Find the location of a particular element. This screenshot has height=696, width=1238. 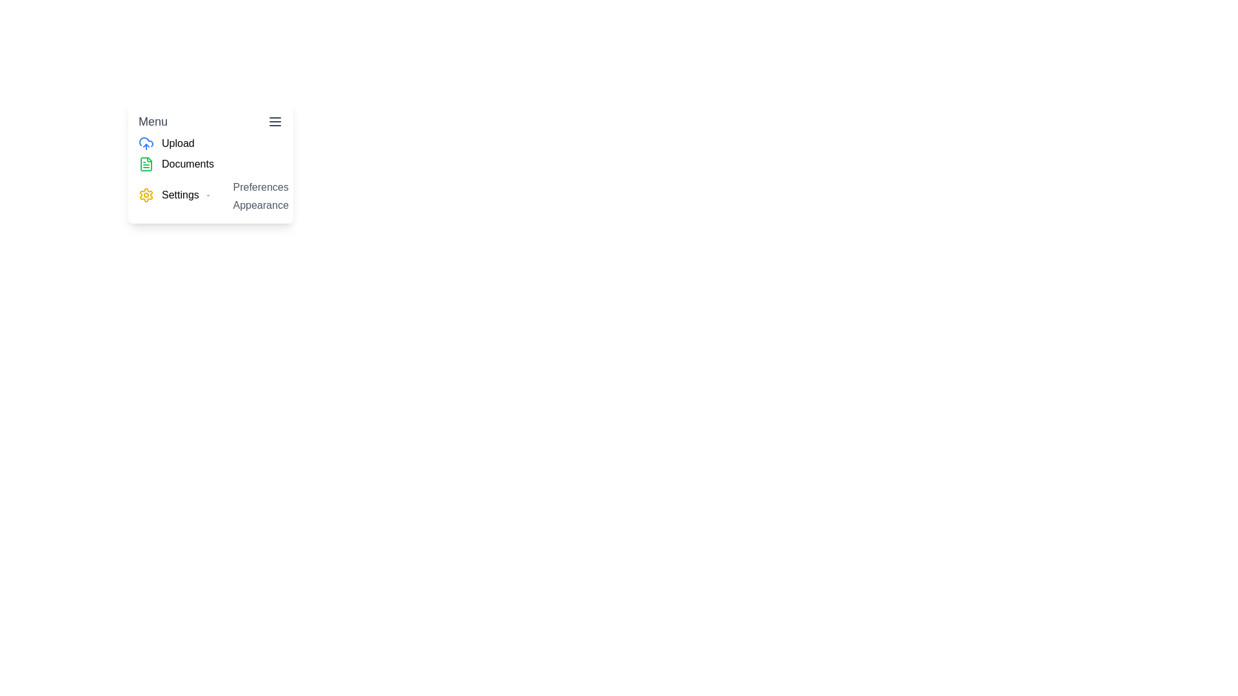

the first text label element that serves as a navigation link or trigger for modifying user preferences, located above the 'Appearance' sibling and near the 'Settings' entry is located at coordinates (260, 187).